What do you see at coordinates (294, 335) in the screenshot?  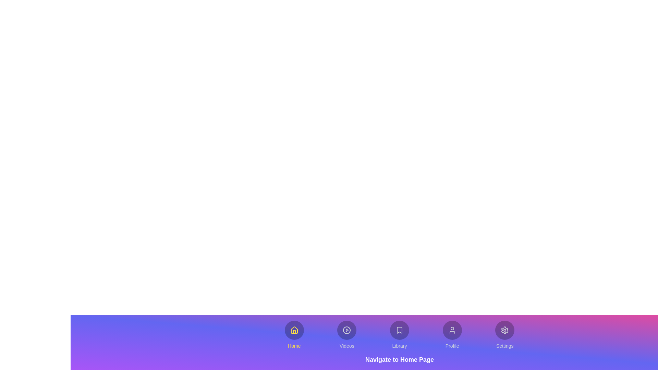 I see `the tab labeled Home in the navigation bar` at bounding box center [294, 335].